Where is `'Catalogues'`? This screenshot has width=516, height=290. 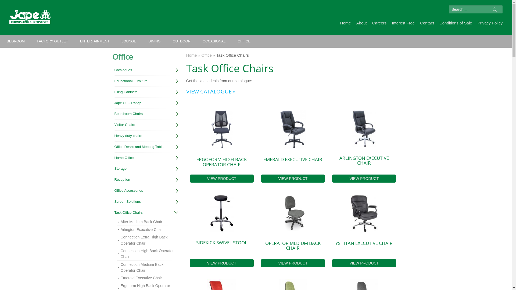 'Catalogues' is located at coordinates (114, 70).